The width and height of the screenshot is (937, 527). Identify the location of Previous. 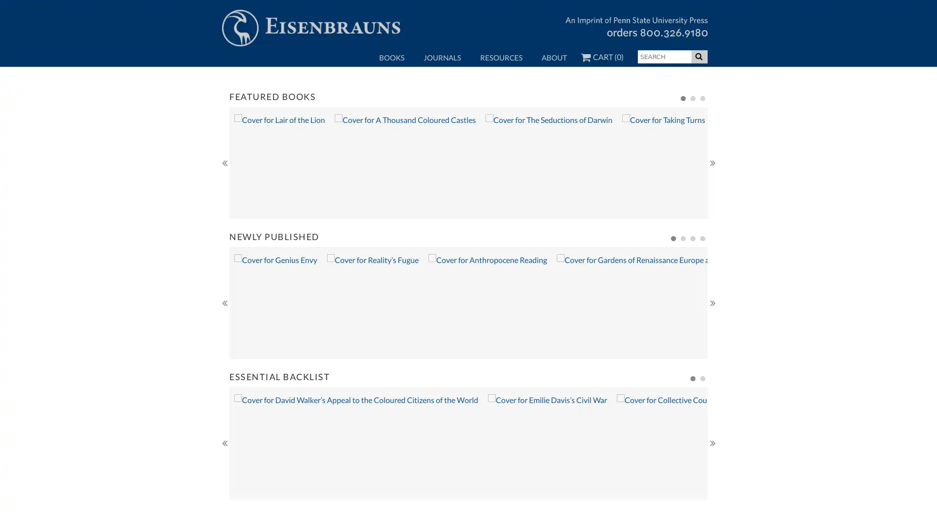
(224, 303).